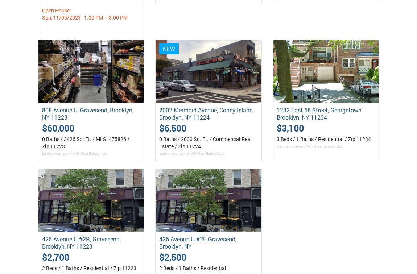 The height and width of the screenshot is (274, 417). I want to click on '2 Beds / 1 Baths / Residential', so click(193, 267).